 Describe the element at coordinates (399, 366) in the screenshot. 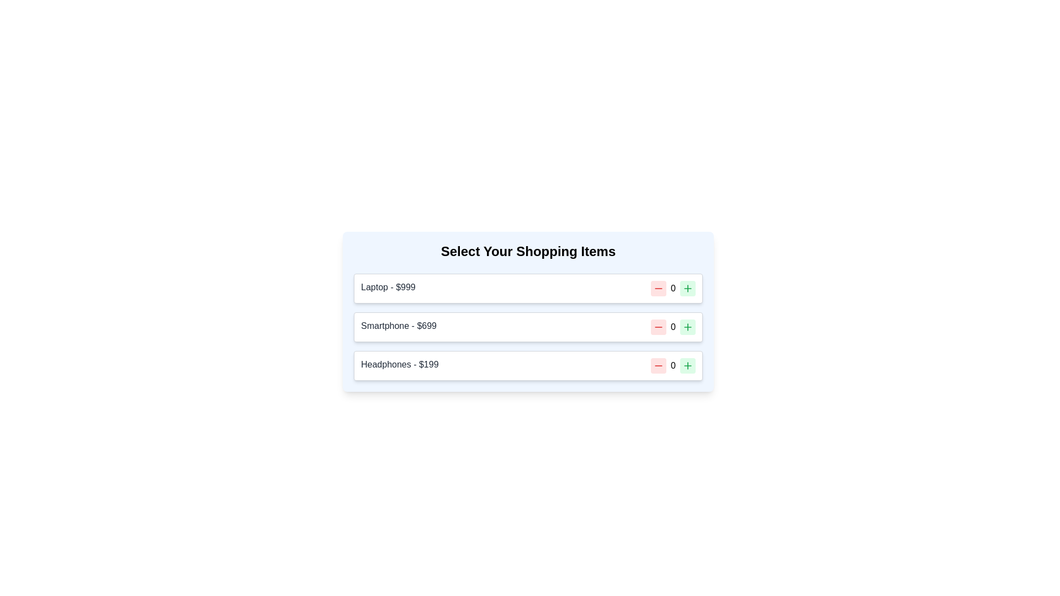

I see `item's name and price displayed in the text label for 'Headphones' priced at '$199', located in the third row of the shopping items list` at that location.